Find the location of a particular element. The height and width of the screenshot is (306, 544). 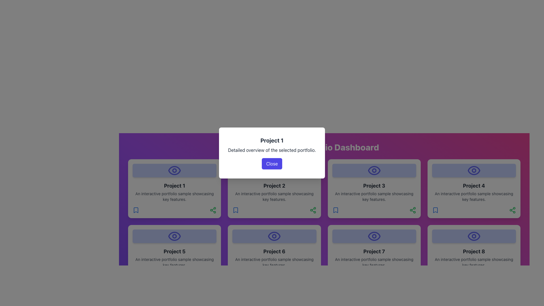

the Portfolio card located in the second row of the grid layout, positioned between 'Project 2' and 'Project 7', to gather information about the project it represents is located at coordinates (274, 254).